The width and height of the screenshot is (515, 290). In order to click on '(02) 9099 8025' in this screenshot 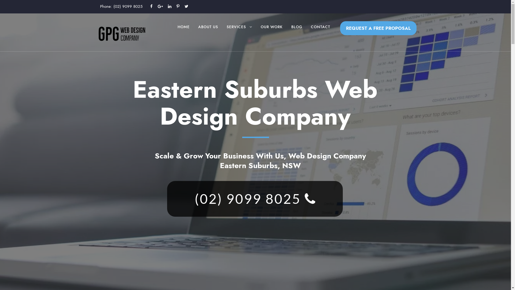, I will do `click(254, 199)`.